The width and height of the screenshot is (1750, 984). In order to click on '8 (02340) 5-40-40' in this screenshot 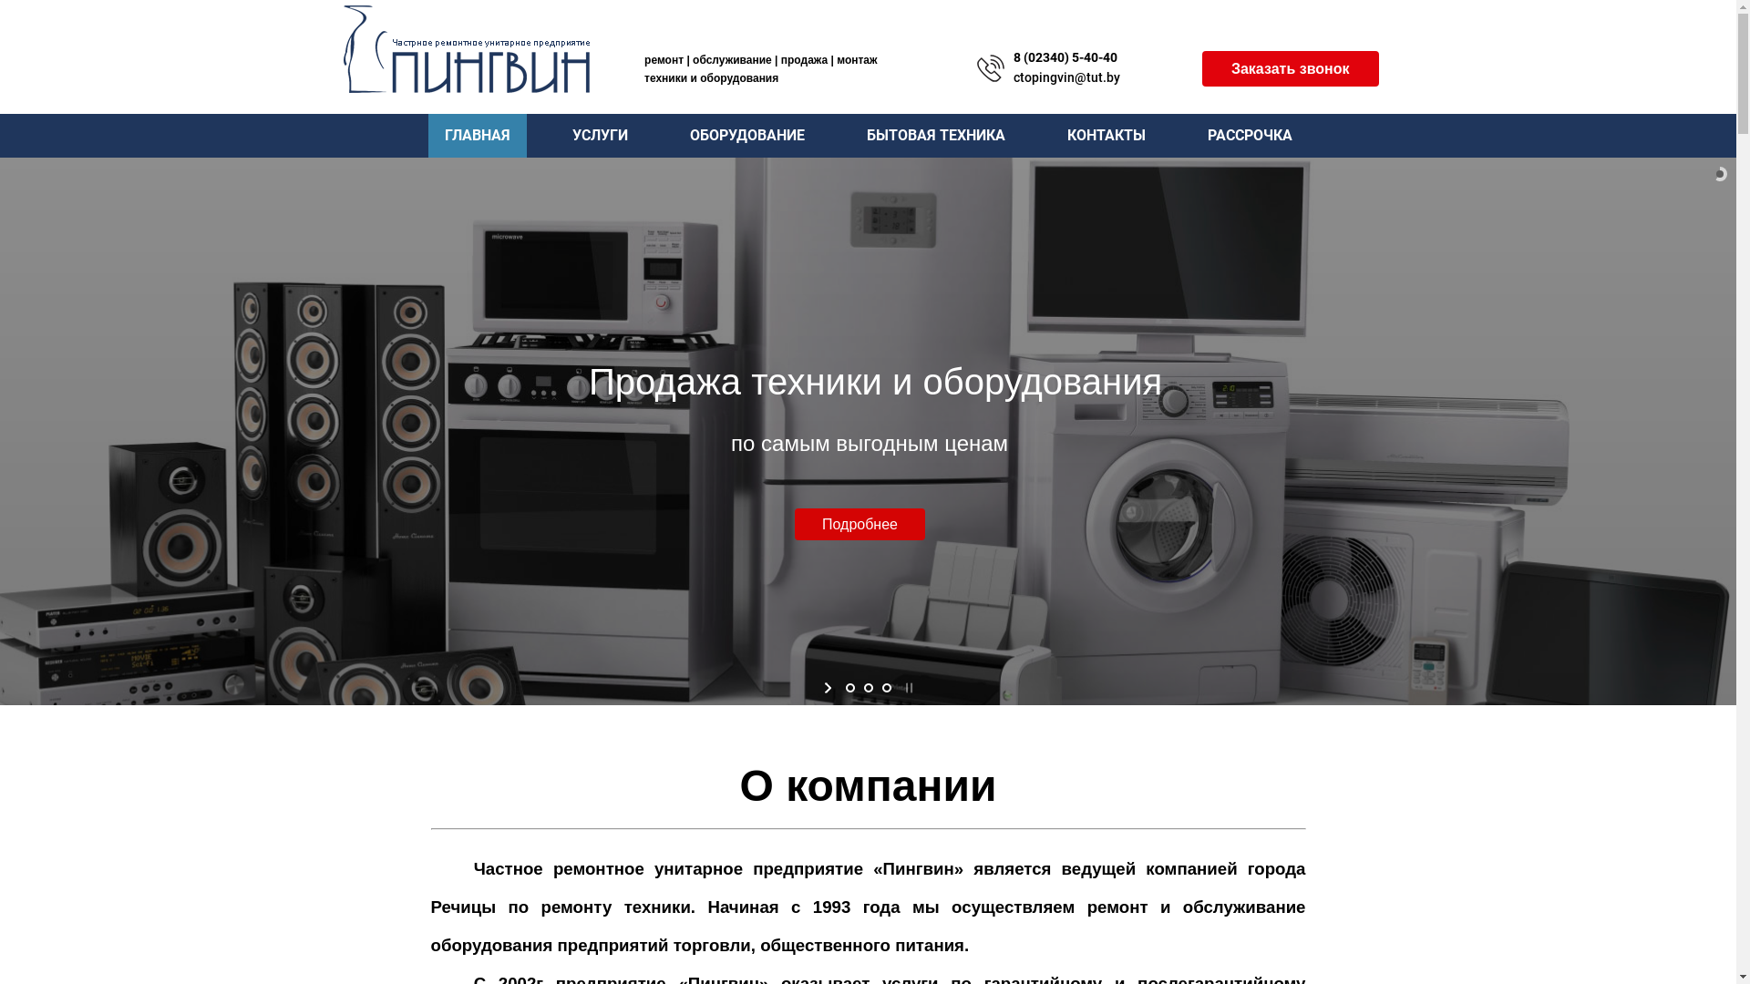, I will do `click(1065, 56)`.